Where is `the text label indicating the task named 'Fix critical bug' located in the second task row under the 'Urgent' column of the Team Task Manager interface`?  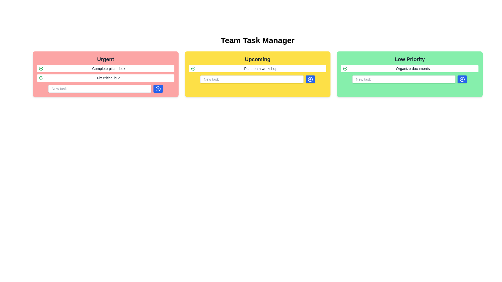
the text label indicating the task named 'Fix critical bug' located in the second task row under the 'Urgent' column of the Team Task Manager interface is located at coordinates (108, 78).